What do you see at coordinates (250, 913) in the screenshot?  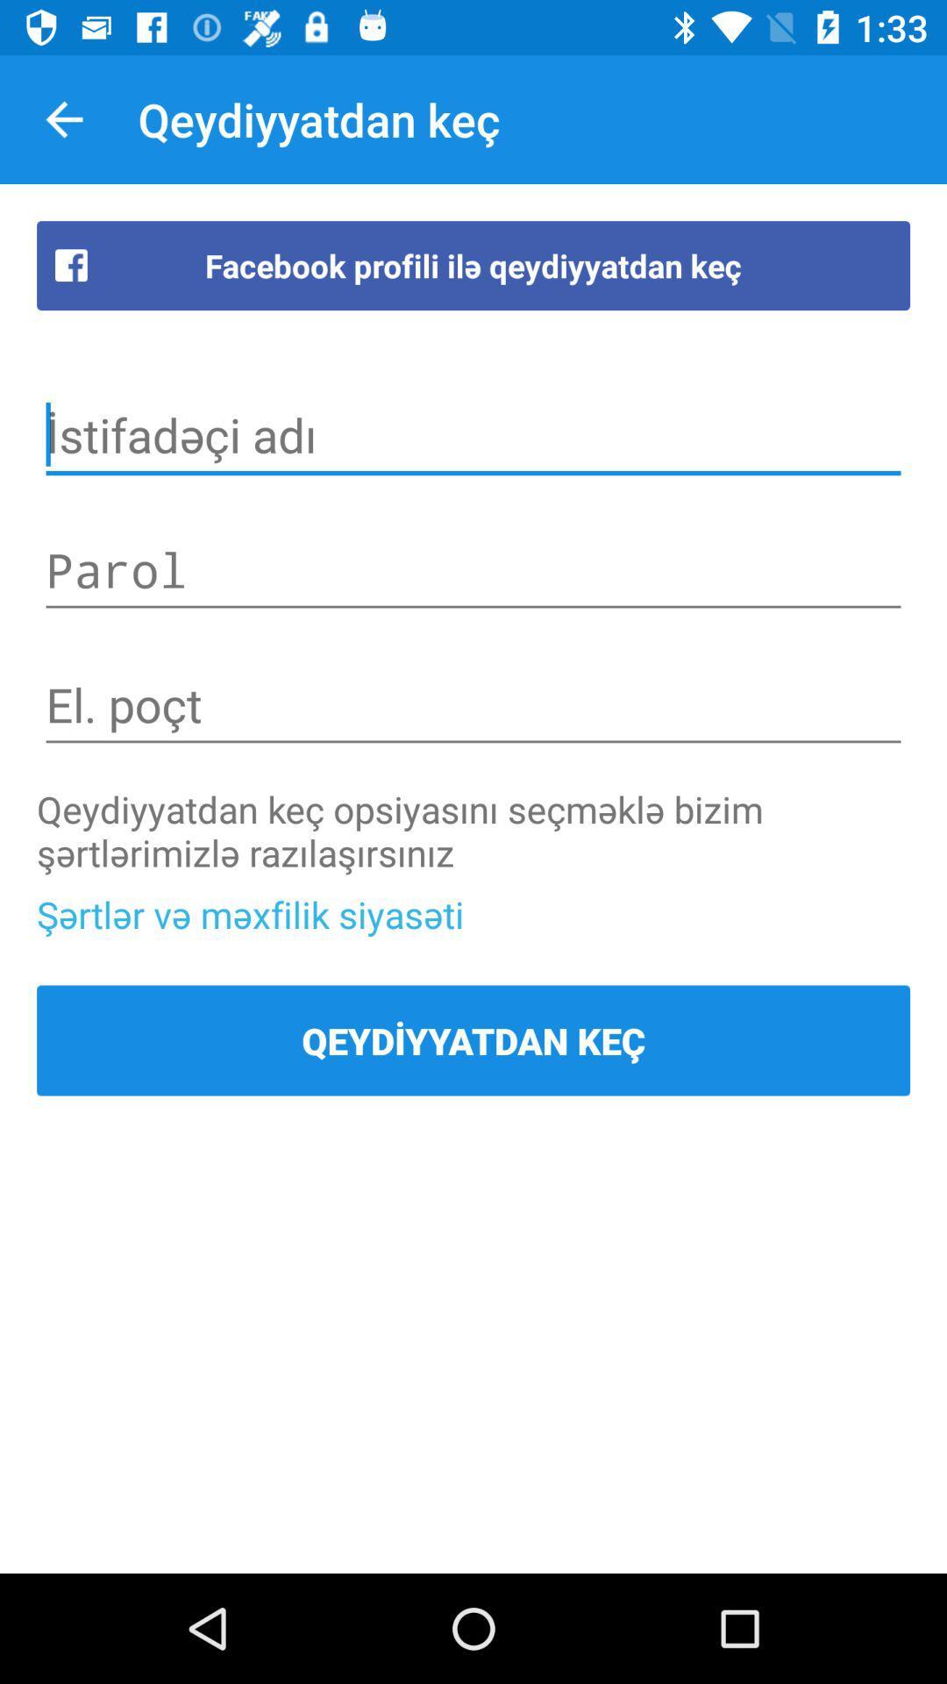 I see `icon on the left` at bounding box center [250, 913].